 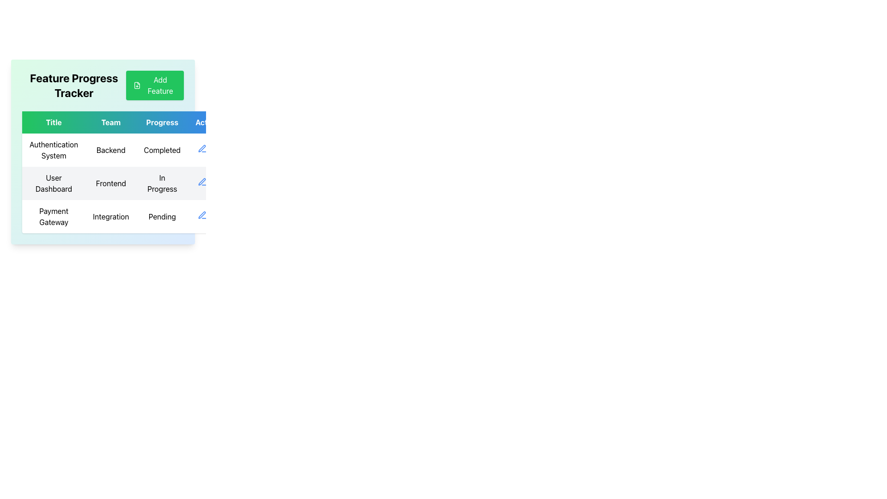 What do you see at coordinates (53, 183) in the screenshot?
I see `the static text cell labeled 'User Dashboard' in the first column of the second row under the 'Title' header in the 'Feature Progress Tracker' interface` at bounding box center [53, 183].